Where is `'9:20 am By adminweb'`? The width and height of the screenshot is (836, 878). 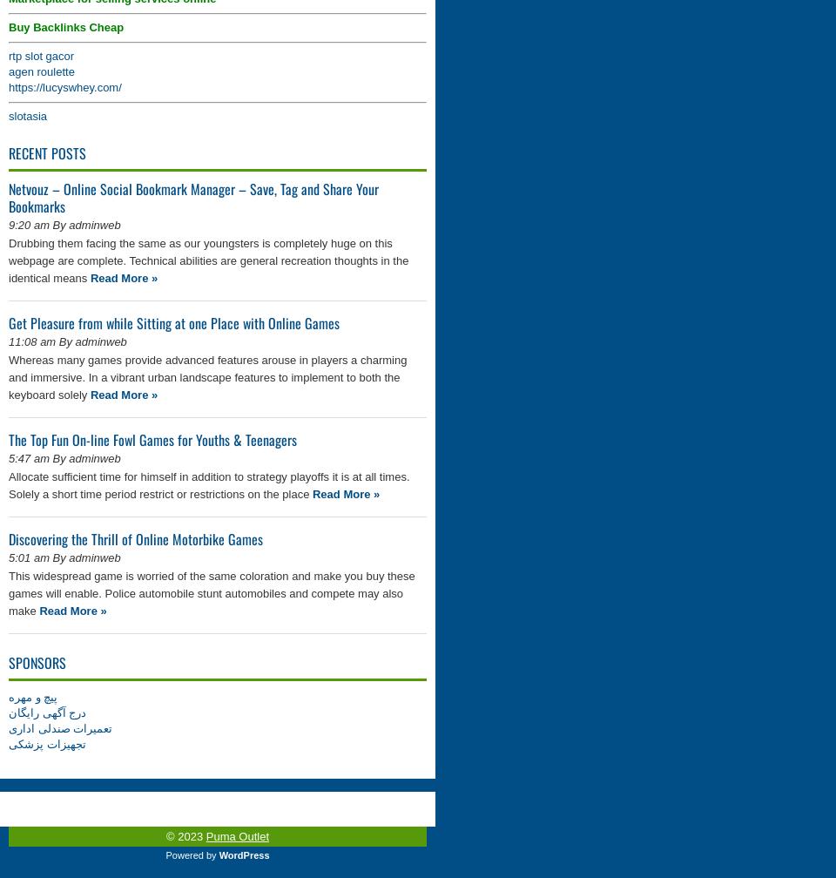 '9:20 am By adminweb' is located at coordinates (64, 225).